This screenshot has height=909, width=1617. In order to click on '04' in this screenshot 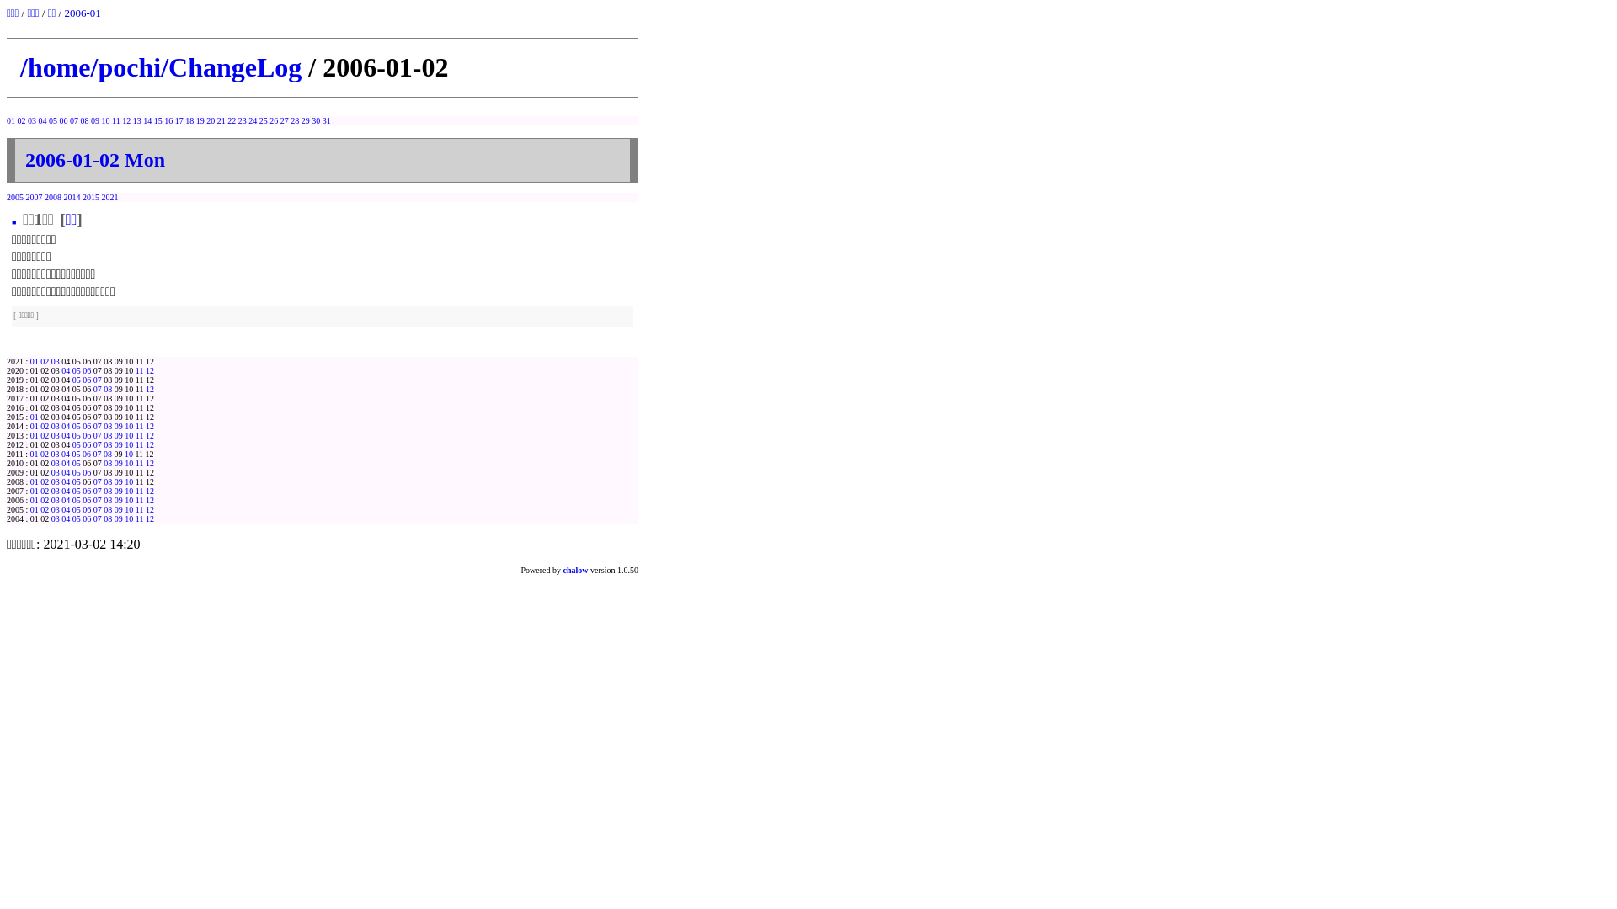, I will do `click(65, 499)`.